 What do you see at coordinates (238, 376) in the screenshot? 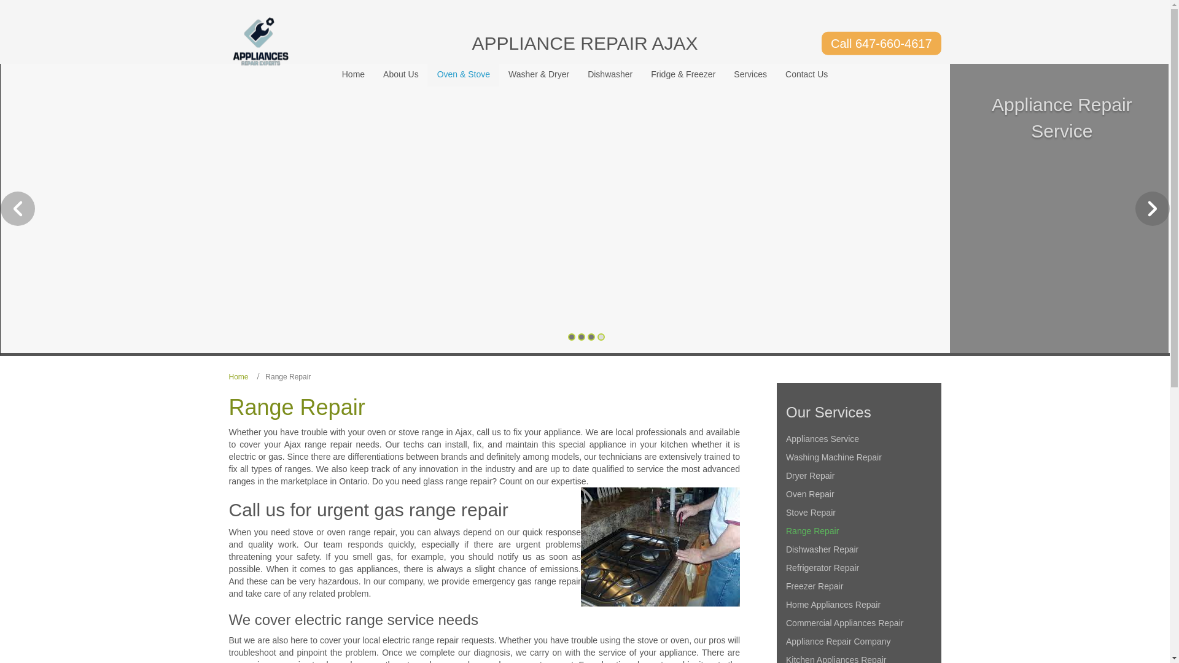
I see `'Home'` at bounding box center [238, 376].